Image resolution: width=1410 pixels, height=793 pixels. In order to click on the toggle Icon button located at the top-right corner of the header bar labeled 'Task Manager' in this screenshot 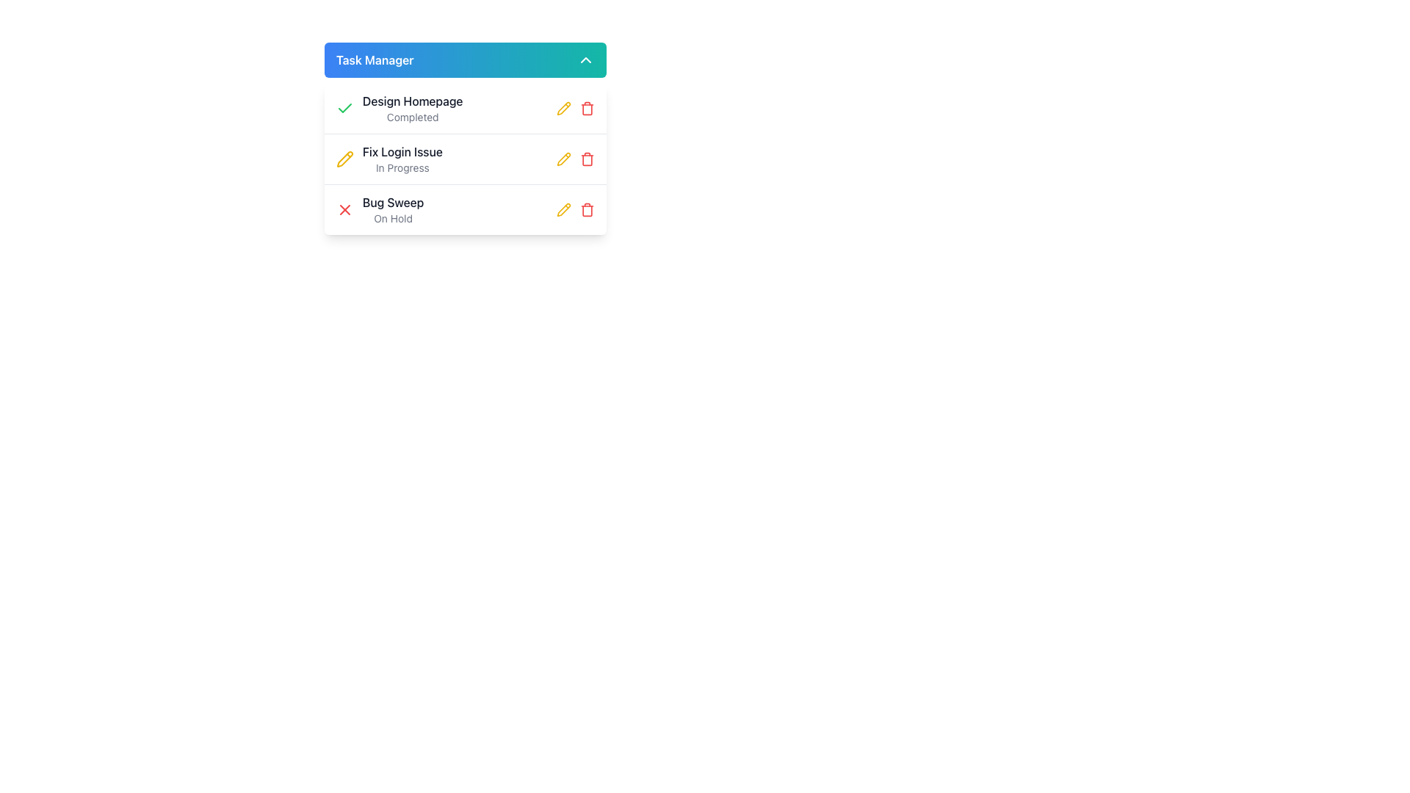, I will do `click(585, 59)`.